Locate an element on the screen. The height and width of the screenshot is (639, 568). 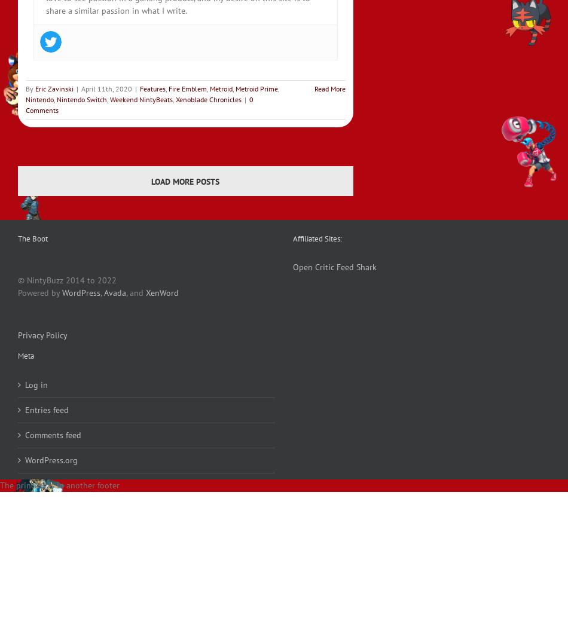
'Open Critic' is located at coordinates (313, 266).